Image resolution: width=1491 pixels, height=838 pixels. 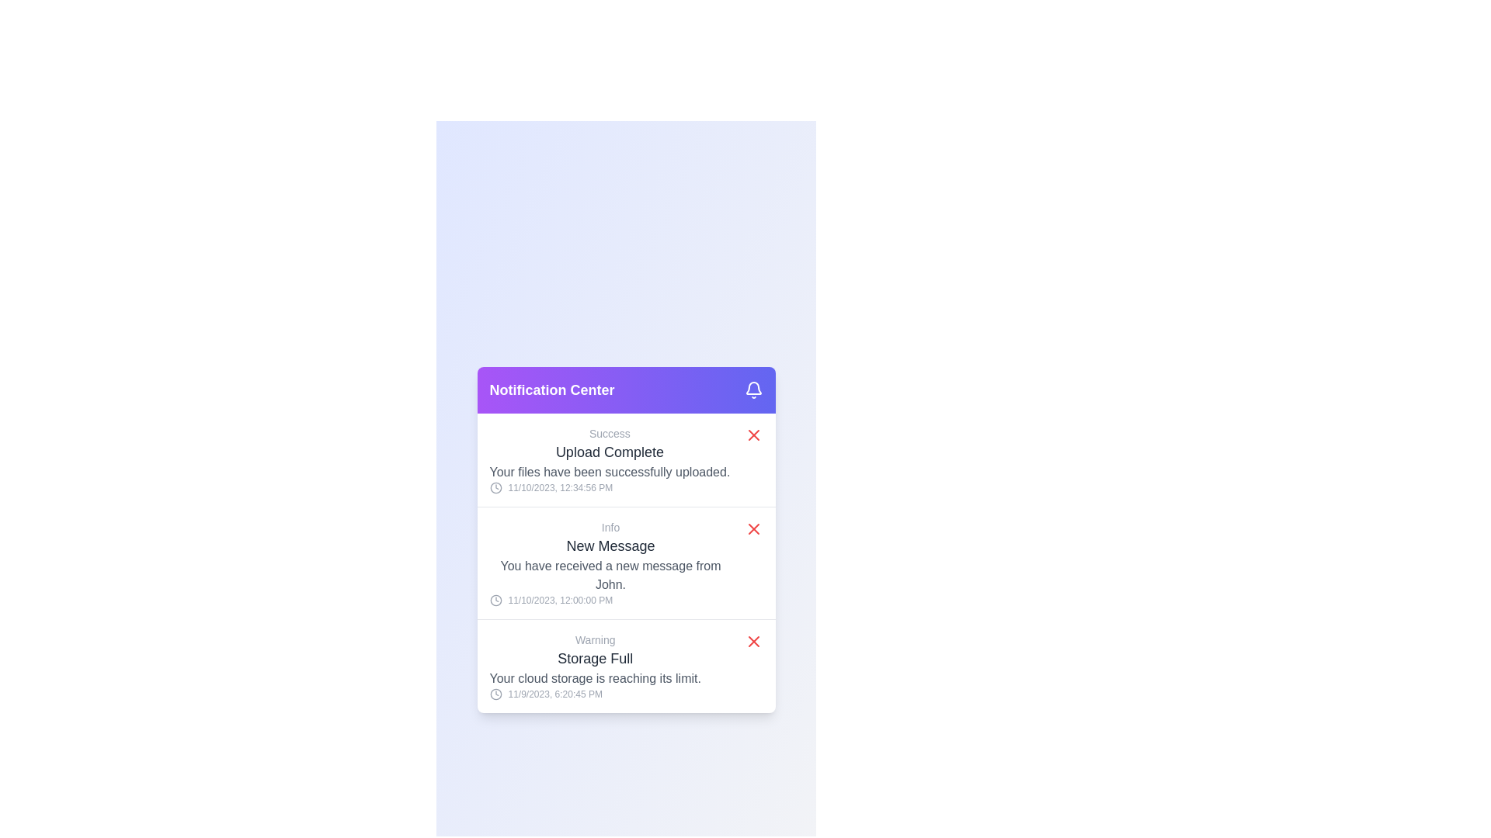 I want to click on the notification entry labeled 'Storage Full' at the bottom of the notification panel, so click(x=626, y=665).